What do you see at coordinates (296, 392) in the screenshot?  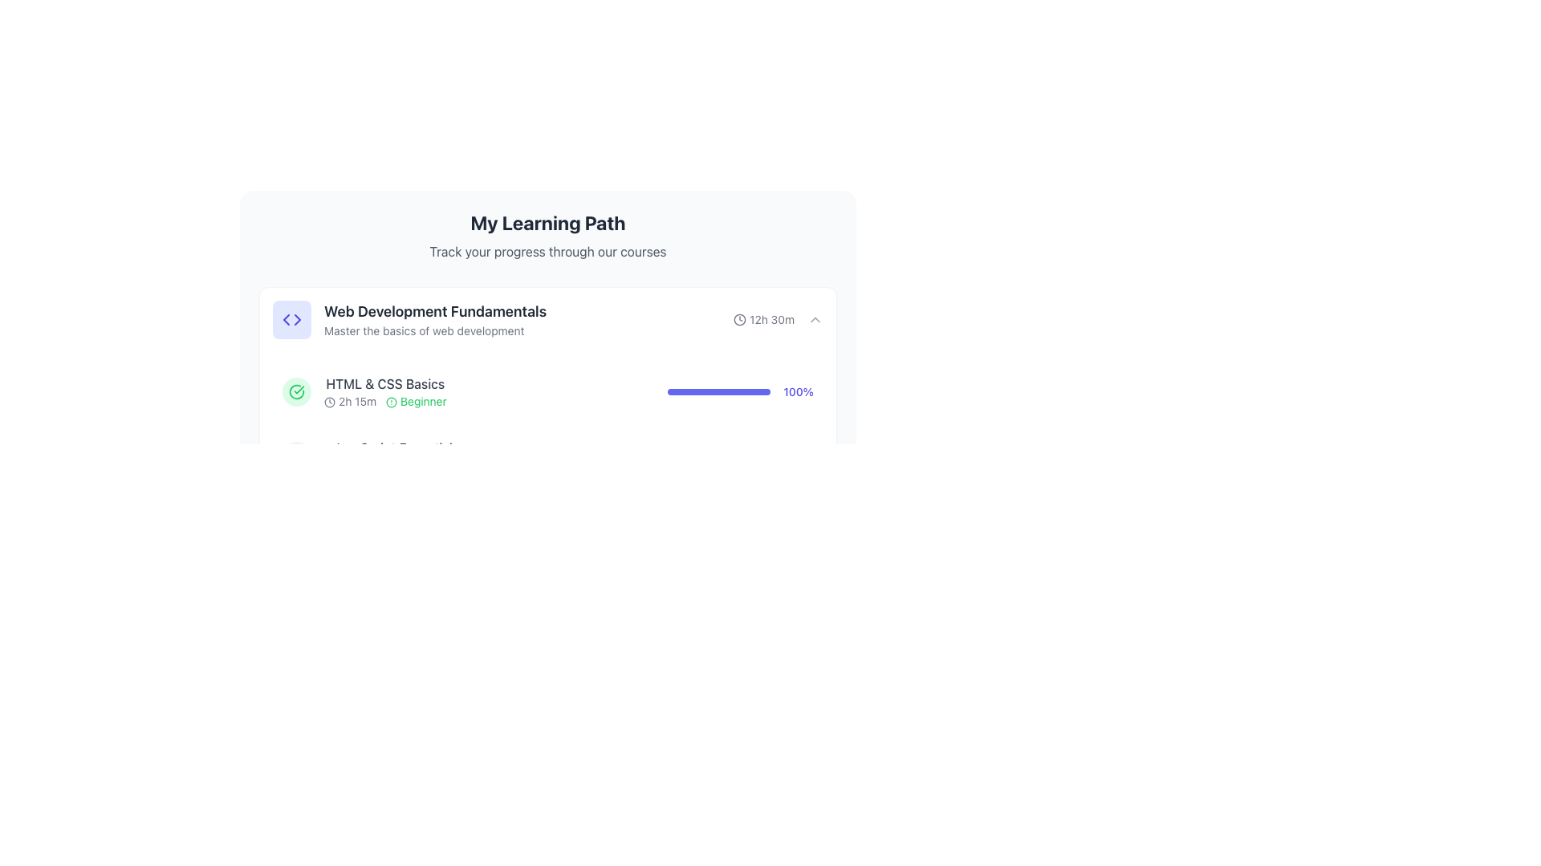 I see `the Status Indicator Icon, which visually indicates the completion or status of the 'HTML & CSS Basics' course, located to the left of the course title` at bounding box center [296, 392].